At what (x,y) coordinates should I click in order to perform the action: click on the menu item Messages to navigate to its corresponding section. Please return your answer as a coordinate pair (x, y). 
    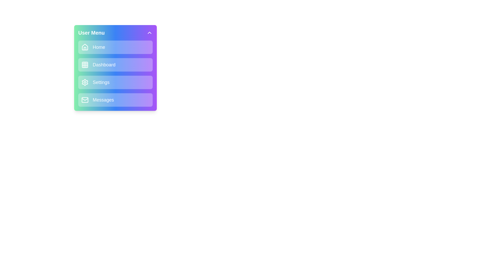
    Looking at the image, I should click on (115, 100).